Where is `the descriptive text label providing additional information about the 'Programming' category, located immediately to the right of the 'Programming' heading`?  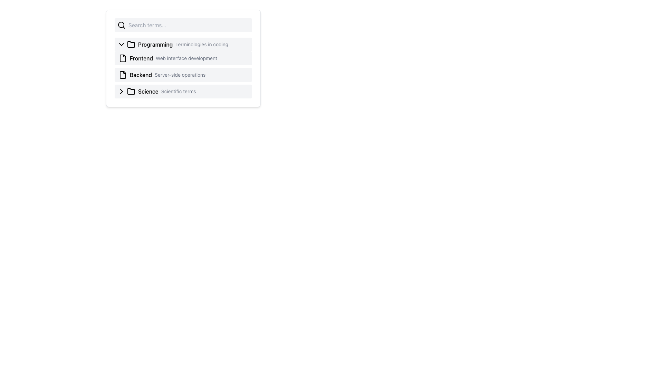 the descriptive text label providing additional information about the 'Programming' category, located immediately to the right of the 'Programming' heading is located at coordinates (201, 44).